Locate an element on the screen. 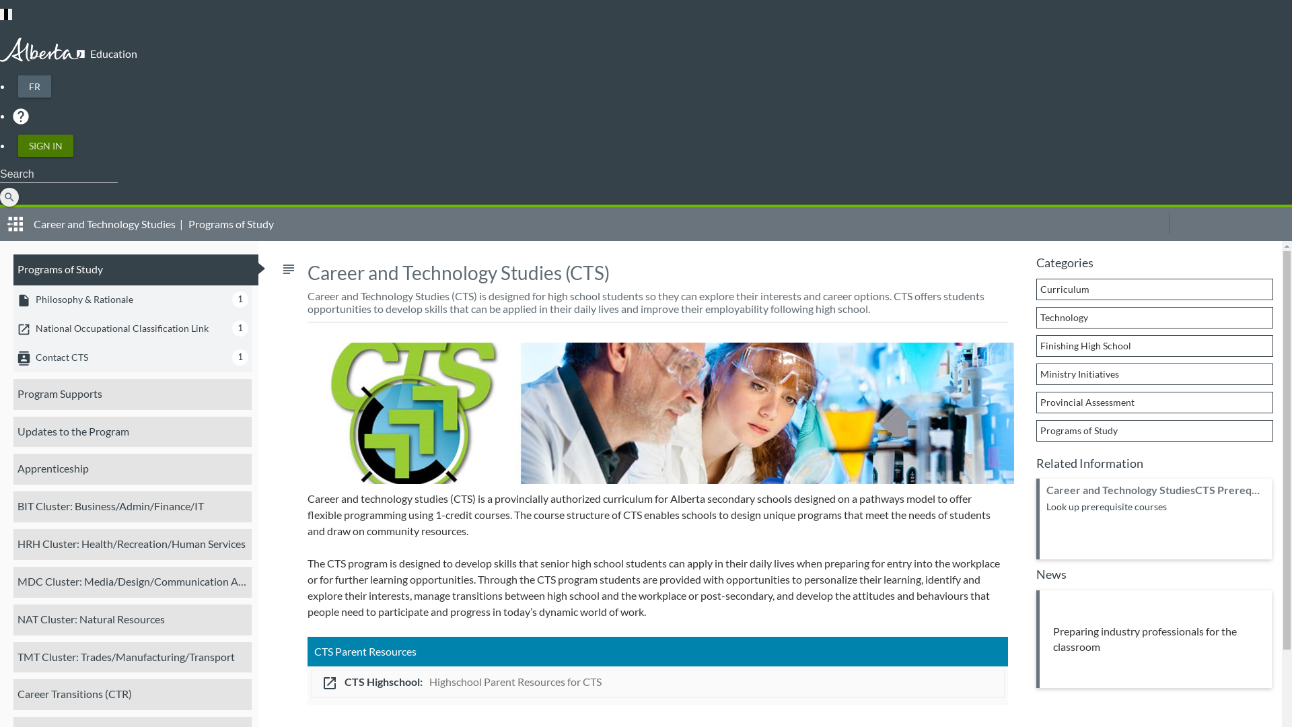  'FR' is located at coordinates (34, 86).